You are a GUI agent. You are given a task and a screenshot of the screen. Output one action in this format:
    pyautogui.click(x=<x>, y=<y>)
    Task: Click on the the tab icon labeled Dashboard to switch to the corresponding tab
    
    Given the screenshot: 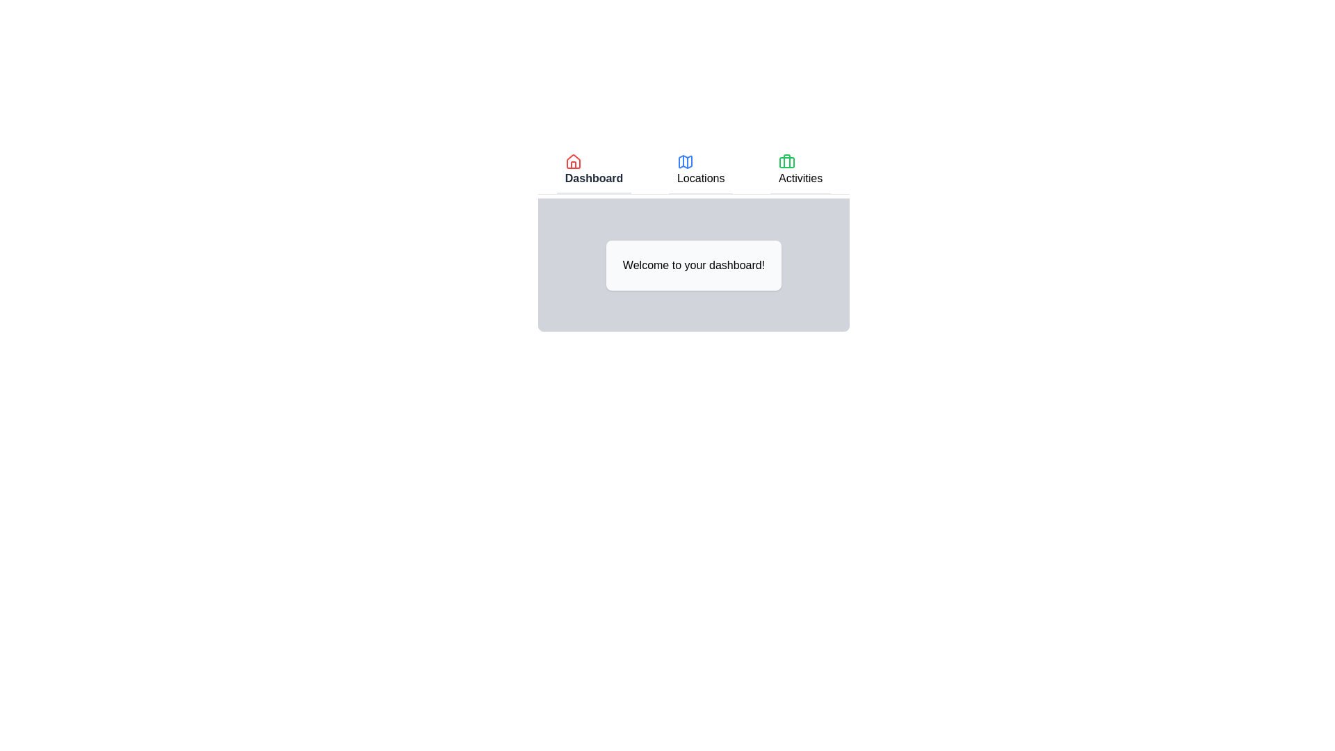 What is the action you would take?
    pyautogui.click(x=573, y=161)
    